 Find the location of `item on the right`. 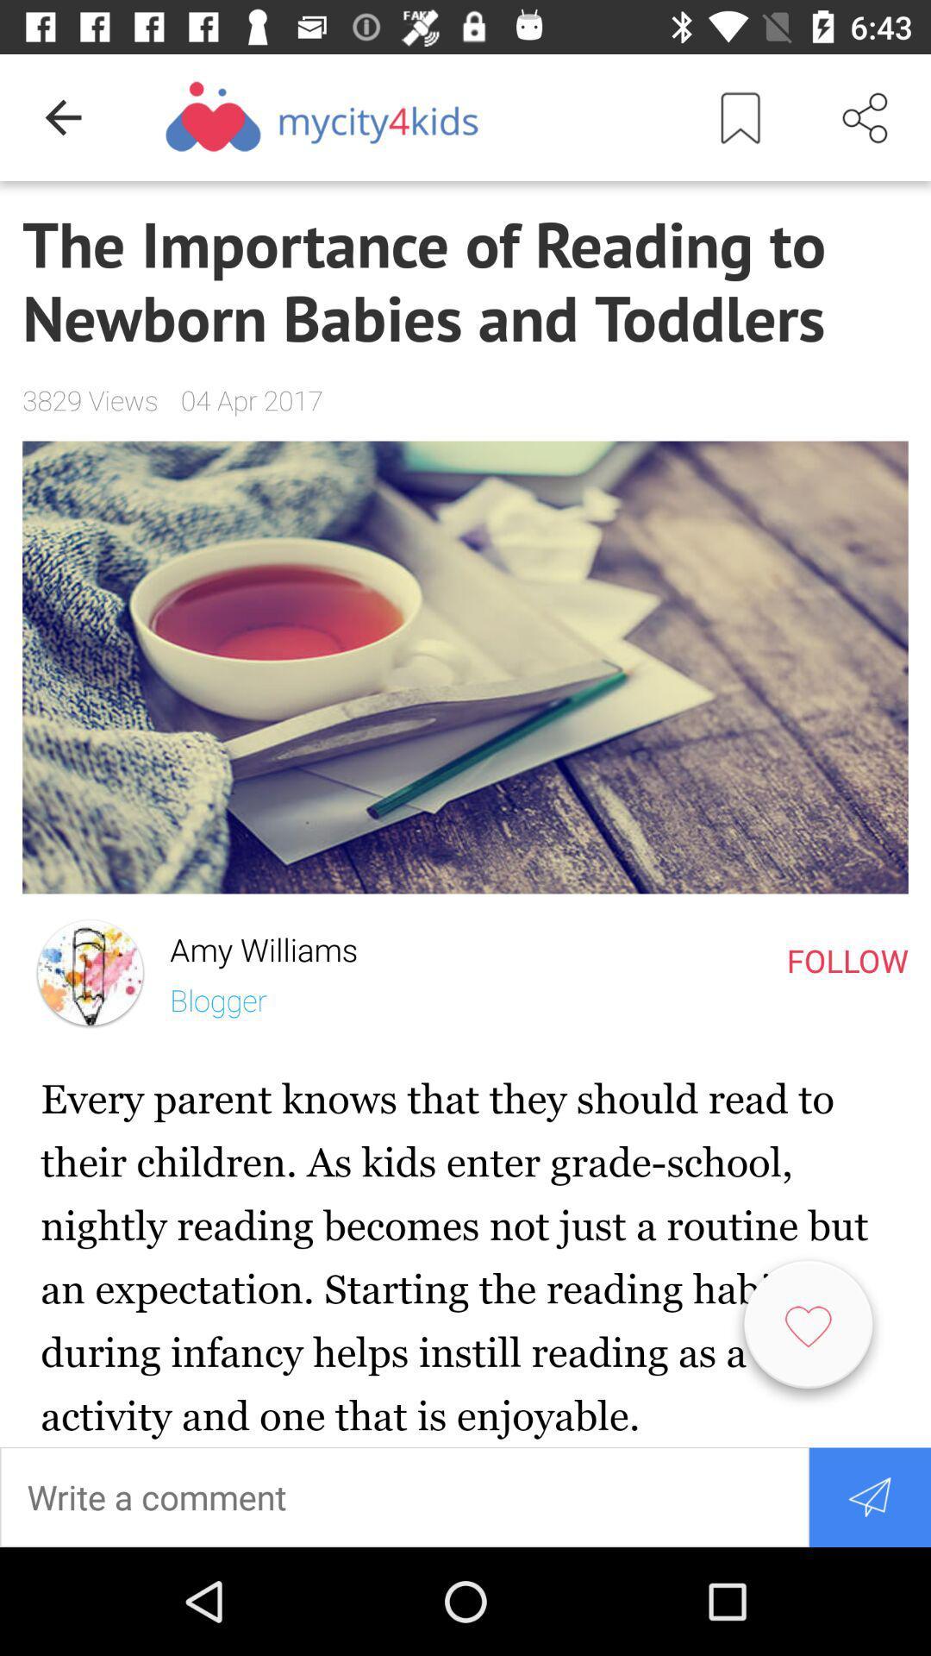

item on the right is located at coordinates (847, 959).